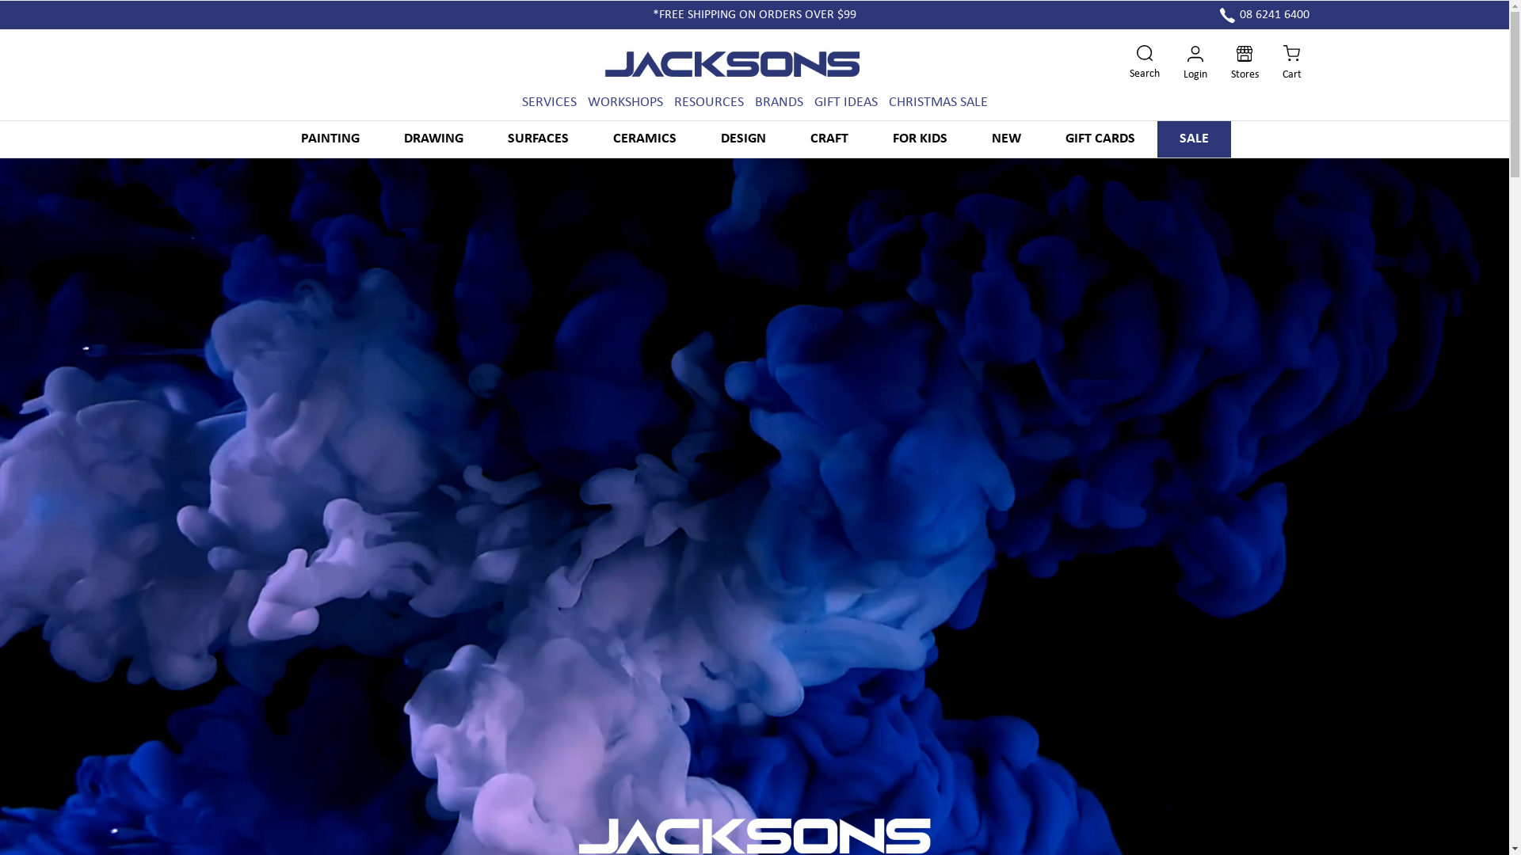  Describe the element at coordinates (1291, 63) in the screenshot. I see `'Cart'` at that location.